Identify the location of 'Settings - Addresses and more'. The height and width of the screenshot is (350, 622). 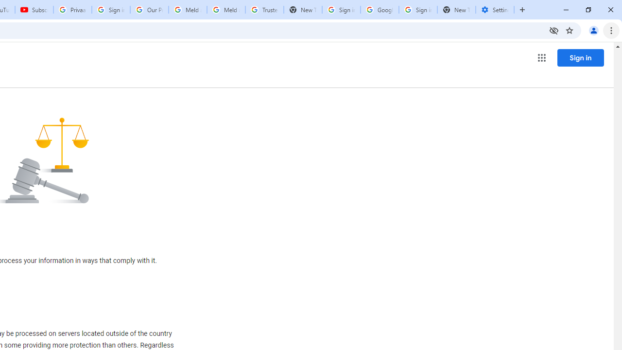
(495, 10).